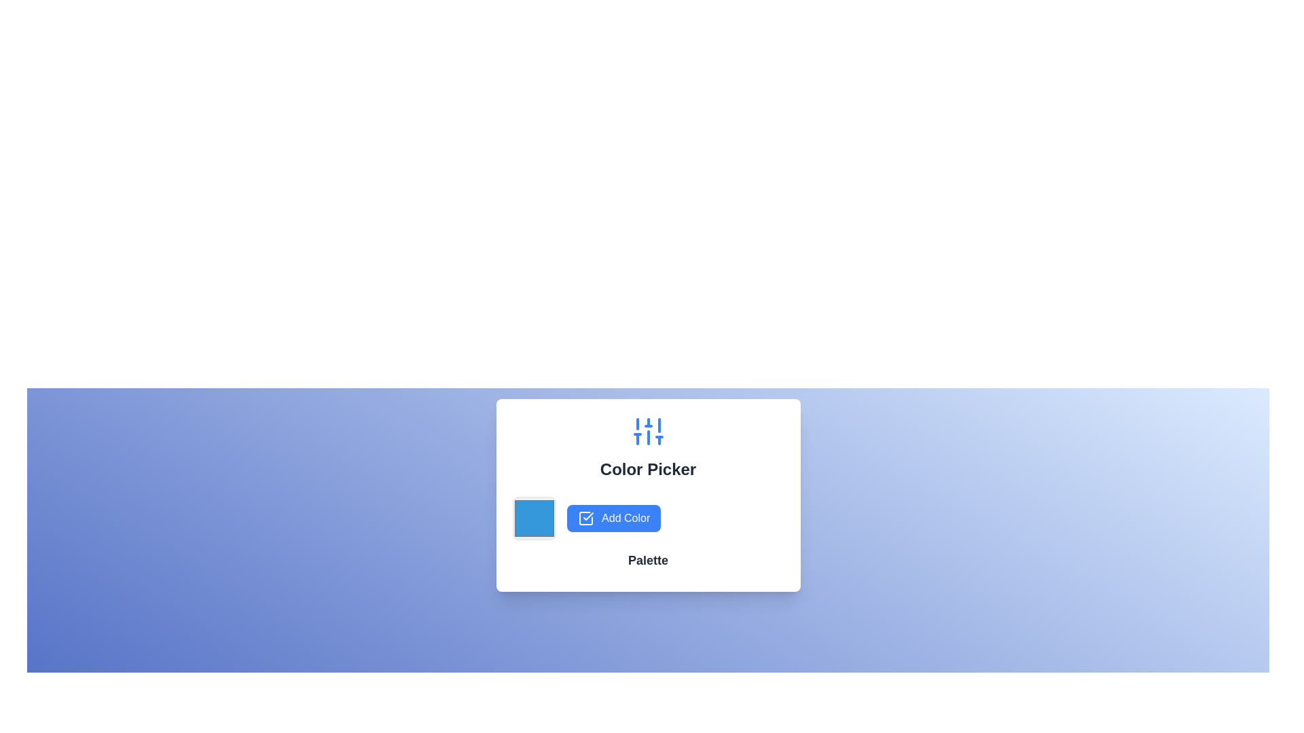 This screenshot has width=1304, height=733. I want to click on the 'Color Picker' text label, which is bold, large, and centrally located above the 'Add Color' button, so click(647, 468).